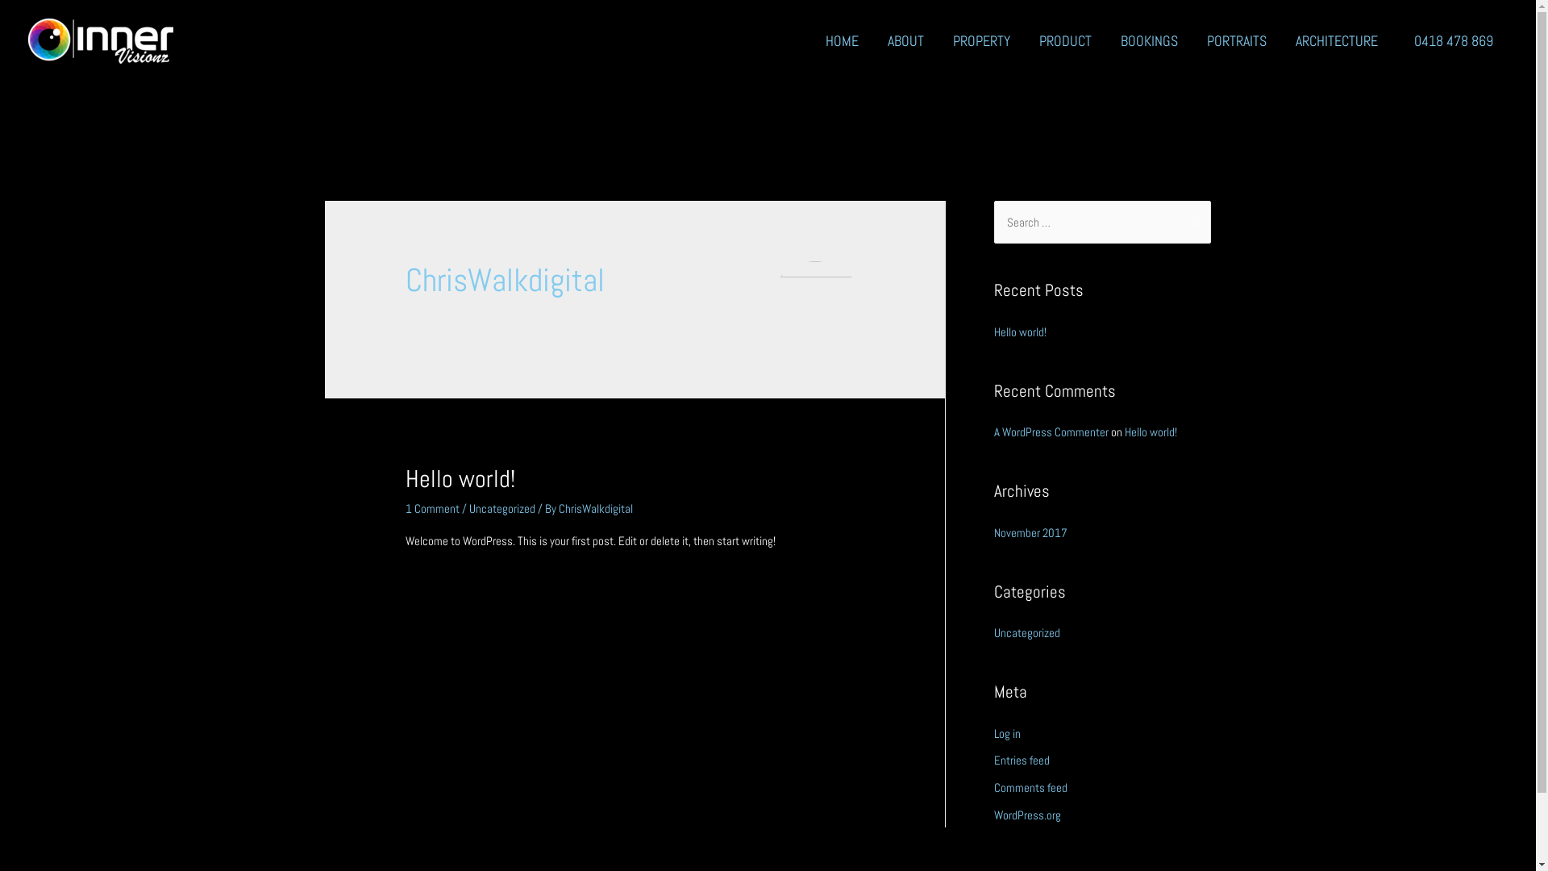  What do you see at coordinates (558, 508) in the screenshot?
I see `'ChrisWalkdigital'` at bounding box center [558, 508].